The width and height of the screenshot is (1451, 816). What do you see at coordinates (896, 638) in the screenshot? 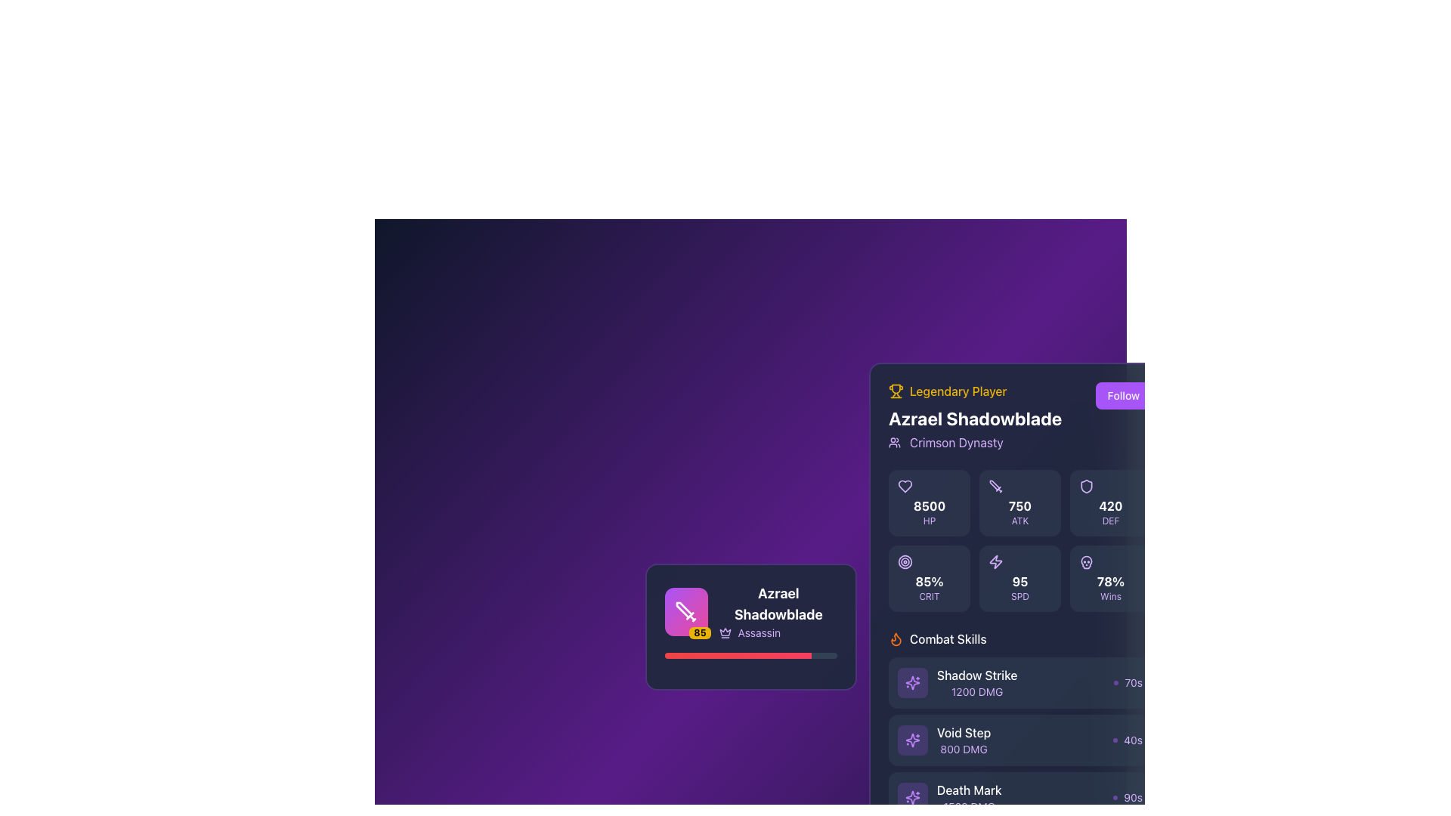
I see `the flame icon that represents the 'Combat Skills' section, located beside the 'Combat Skills' label in the right-side panel` at bounding box center [896, 638].